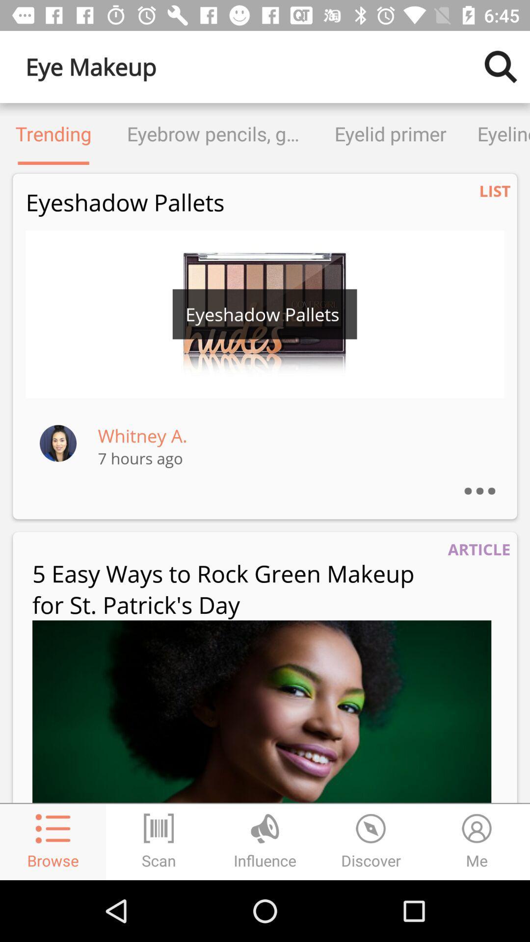 This screenshot has width=530, height=942. What do you see at coordinates (501, 66) in the screenshot?
I see `search` at bounding box center [501, 66].